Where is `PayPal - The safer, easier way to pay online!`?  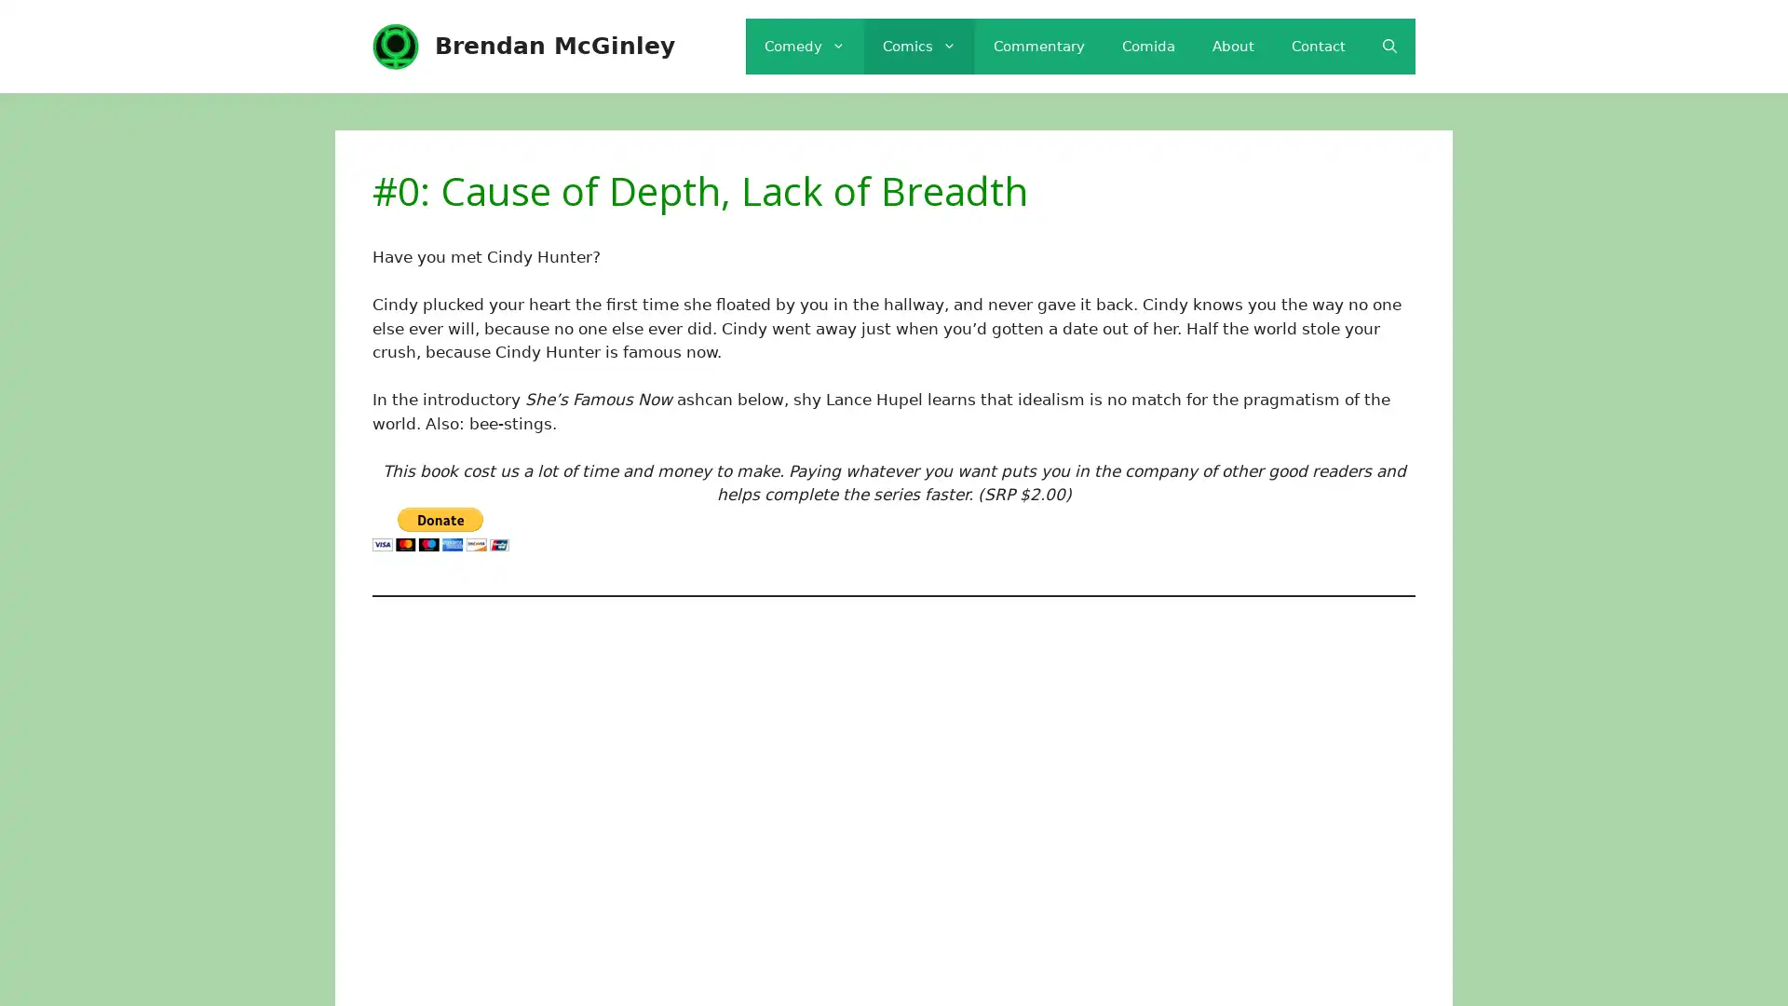 PayPal - The safer, easier way to pay online! is located at coordinates (440, 528).